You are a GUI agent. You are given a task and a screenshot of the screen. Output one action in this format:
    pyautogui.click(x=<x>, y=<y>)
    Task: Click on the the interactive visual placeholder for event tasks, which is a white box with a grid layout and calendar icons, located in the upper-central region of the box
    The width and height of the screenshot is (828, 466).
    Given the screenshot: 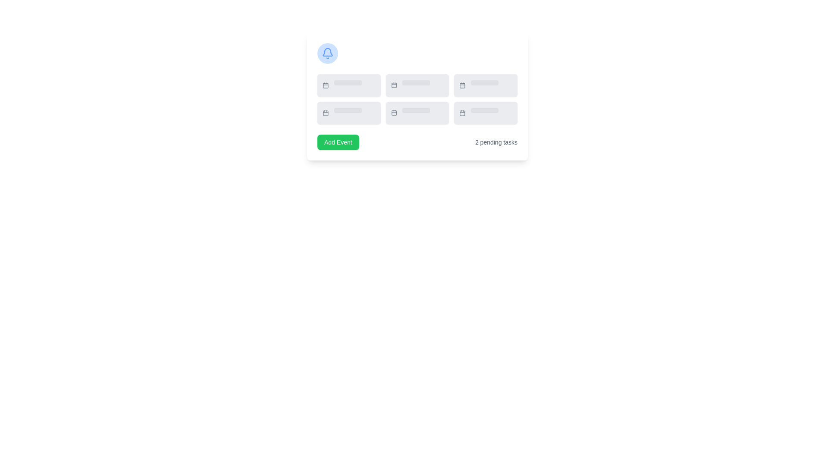 What is the action you would take?
    pyautogui.click(x=417, y=96)
    